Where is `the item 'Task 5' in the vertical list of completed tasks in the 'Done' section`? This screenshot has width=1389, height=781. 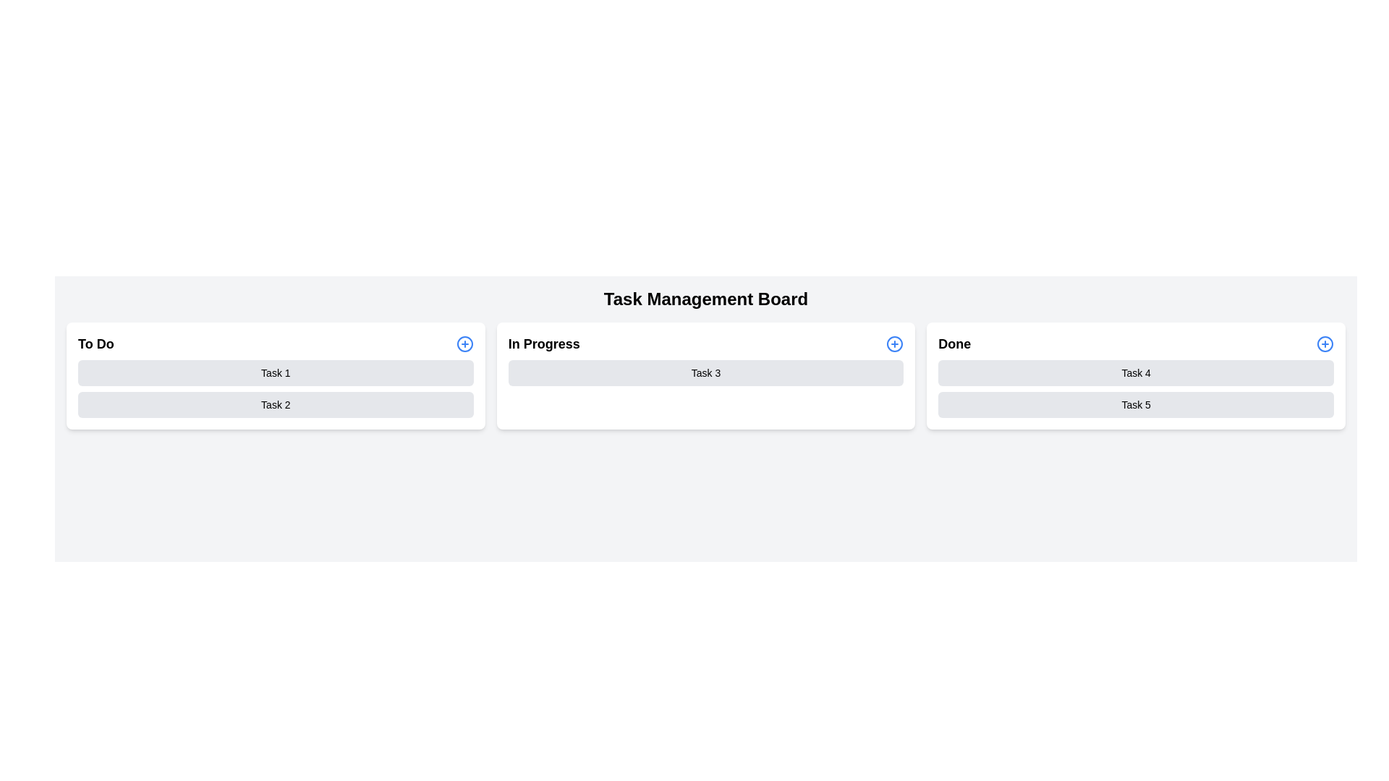 the item 'Task 5' in the vertical list of completed tasks in the 'Done' section is located at coordinates (1135, 388).